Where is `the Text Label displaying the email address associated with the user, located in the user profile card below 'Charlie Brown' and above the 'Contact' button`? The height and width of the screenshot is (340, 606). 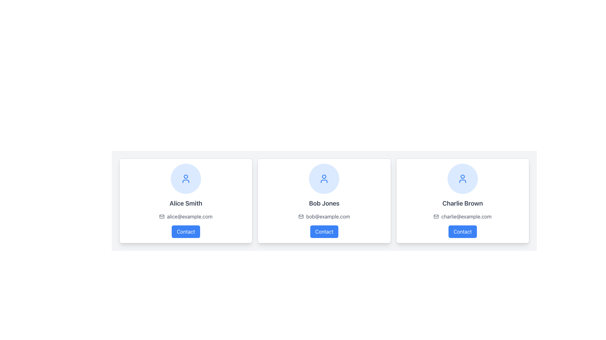
the Text Label displaying the email address associated with the user, located in the user profile card below 'Charlie Brown' and above the 'Contact' button is located at coordinates (466, 216).